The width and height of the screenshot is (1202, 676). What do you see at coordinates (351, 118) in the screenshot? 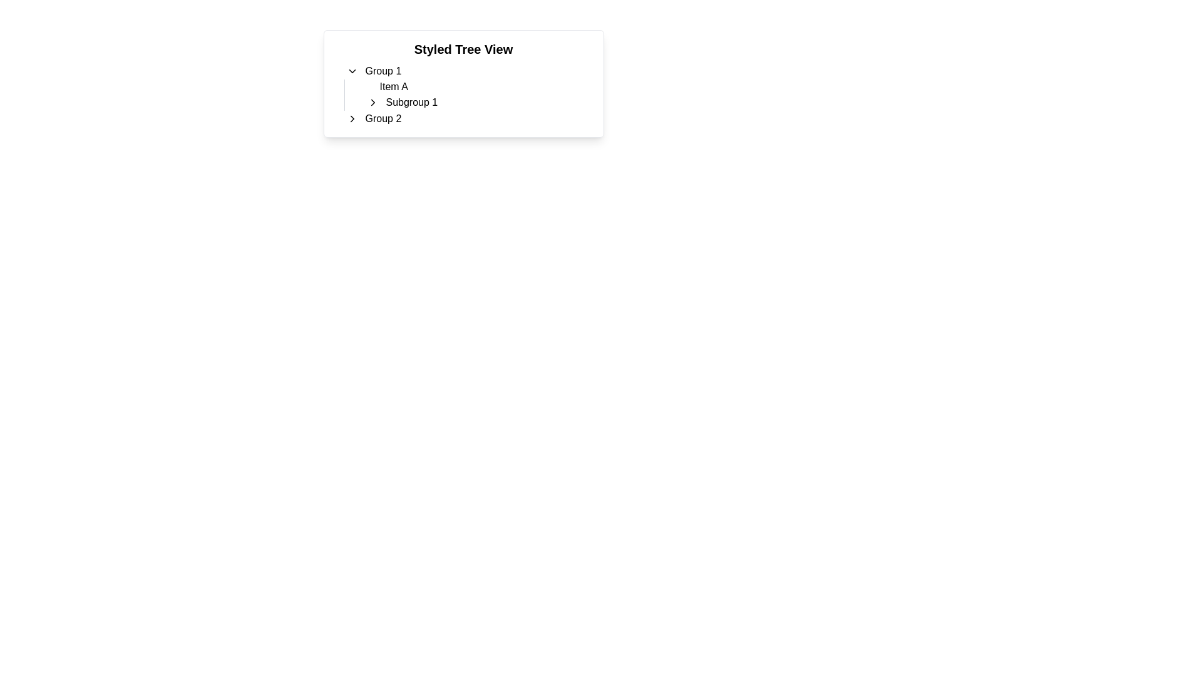
I see `the chevron-shaped icon pointing to the right, located within the second item of the tree view labeled 'Group 2'` at bounding box center [351, 118].